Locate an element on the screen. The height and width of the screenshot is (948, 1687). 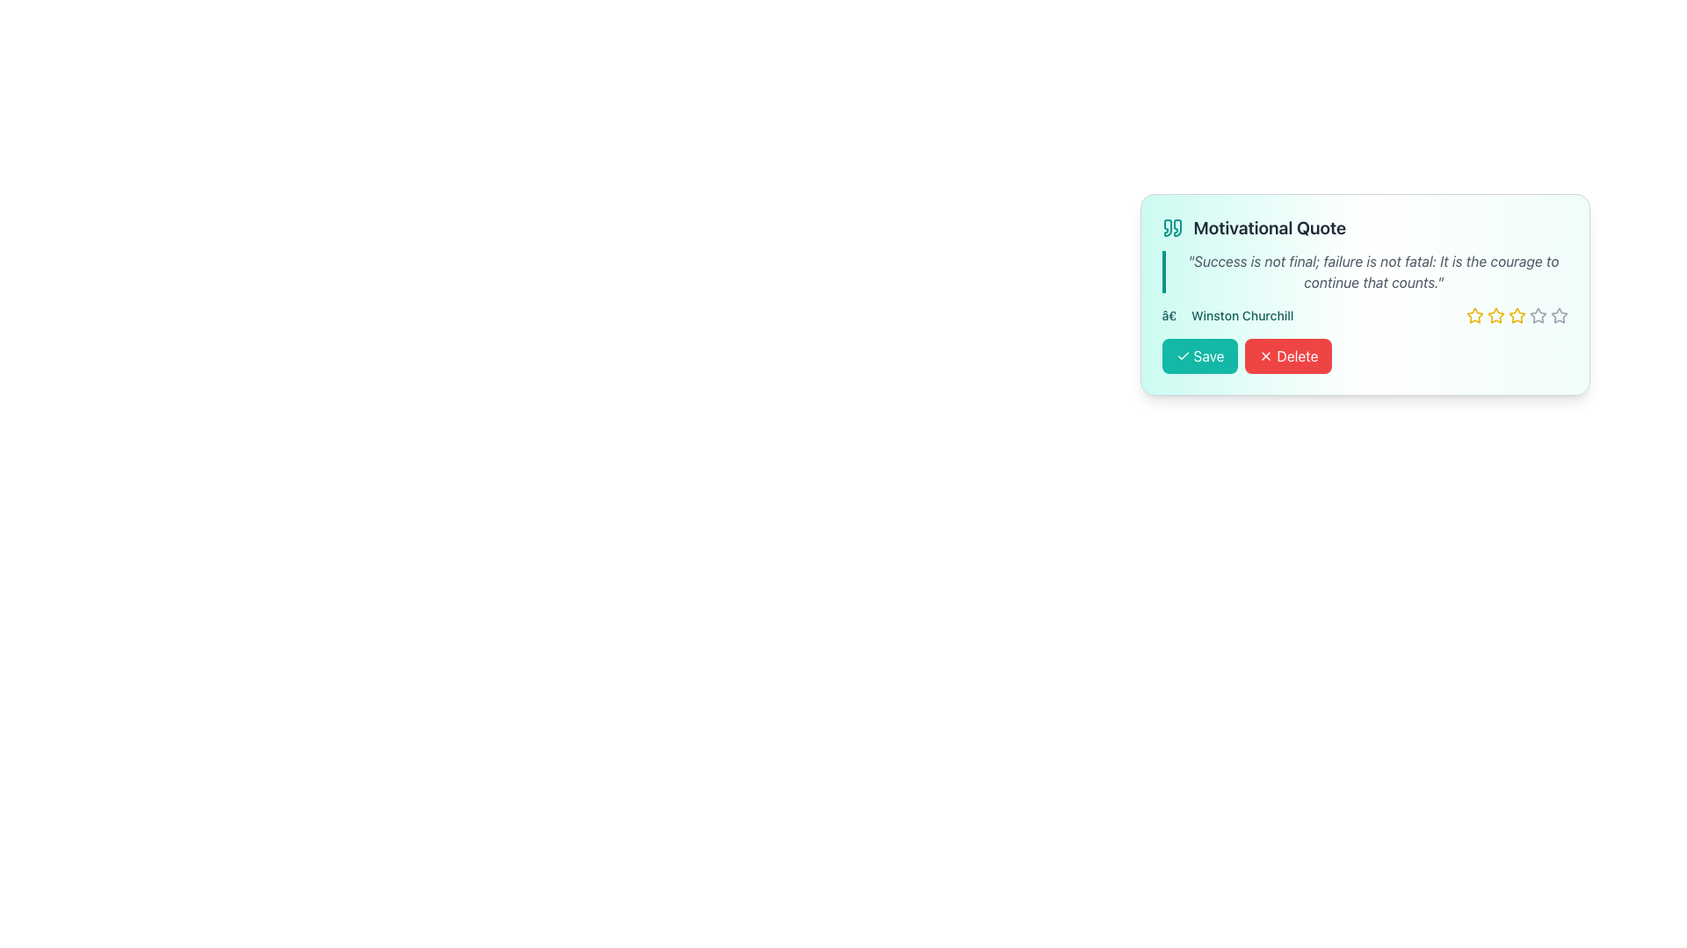
the 'Delete' button in the button group is located at coordinates (1364, 355).